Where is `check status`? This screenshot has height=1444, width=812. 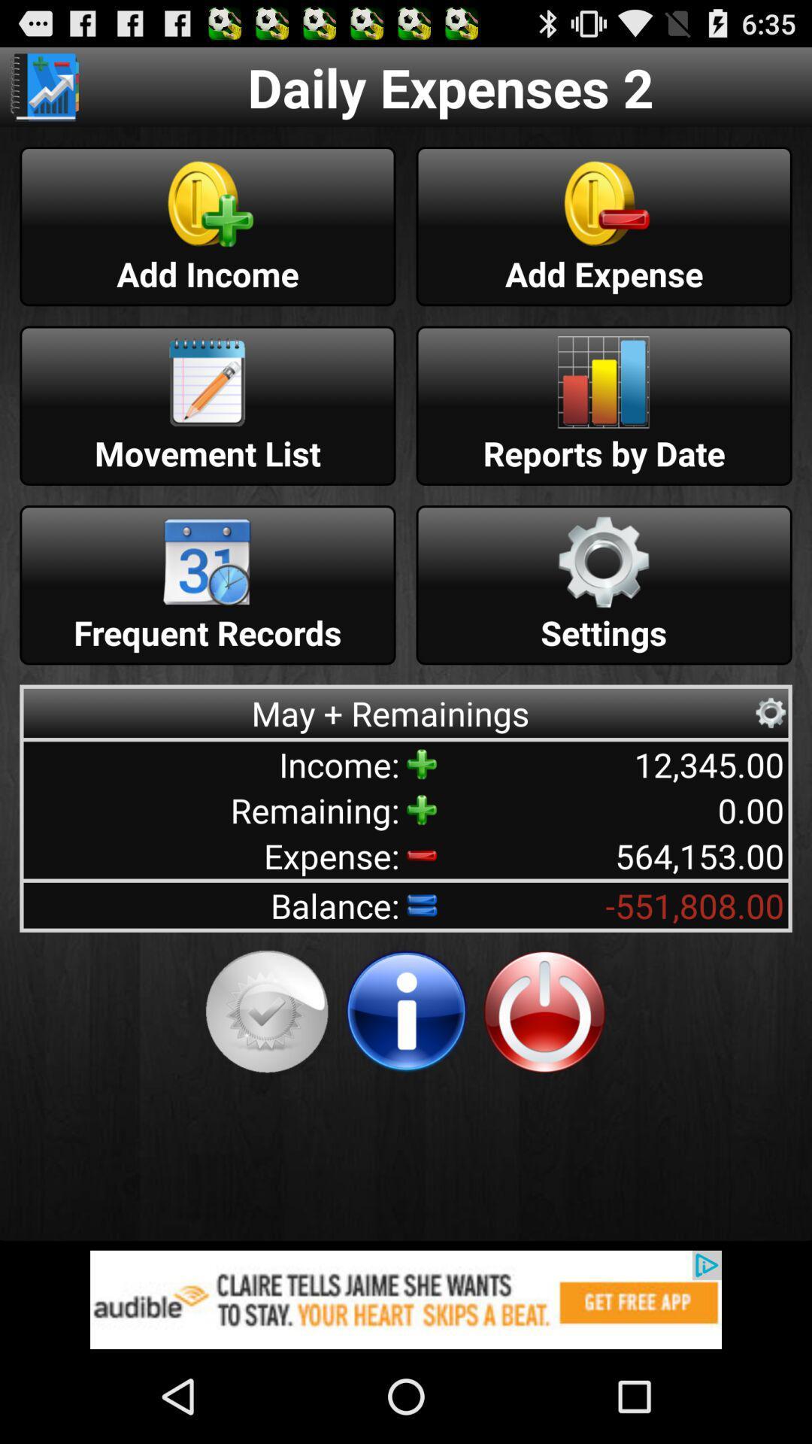 check status is located at coordinates (266, 1012).